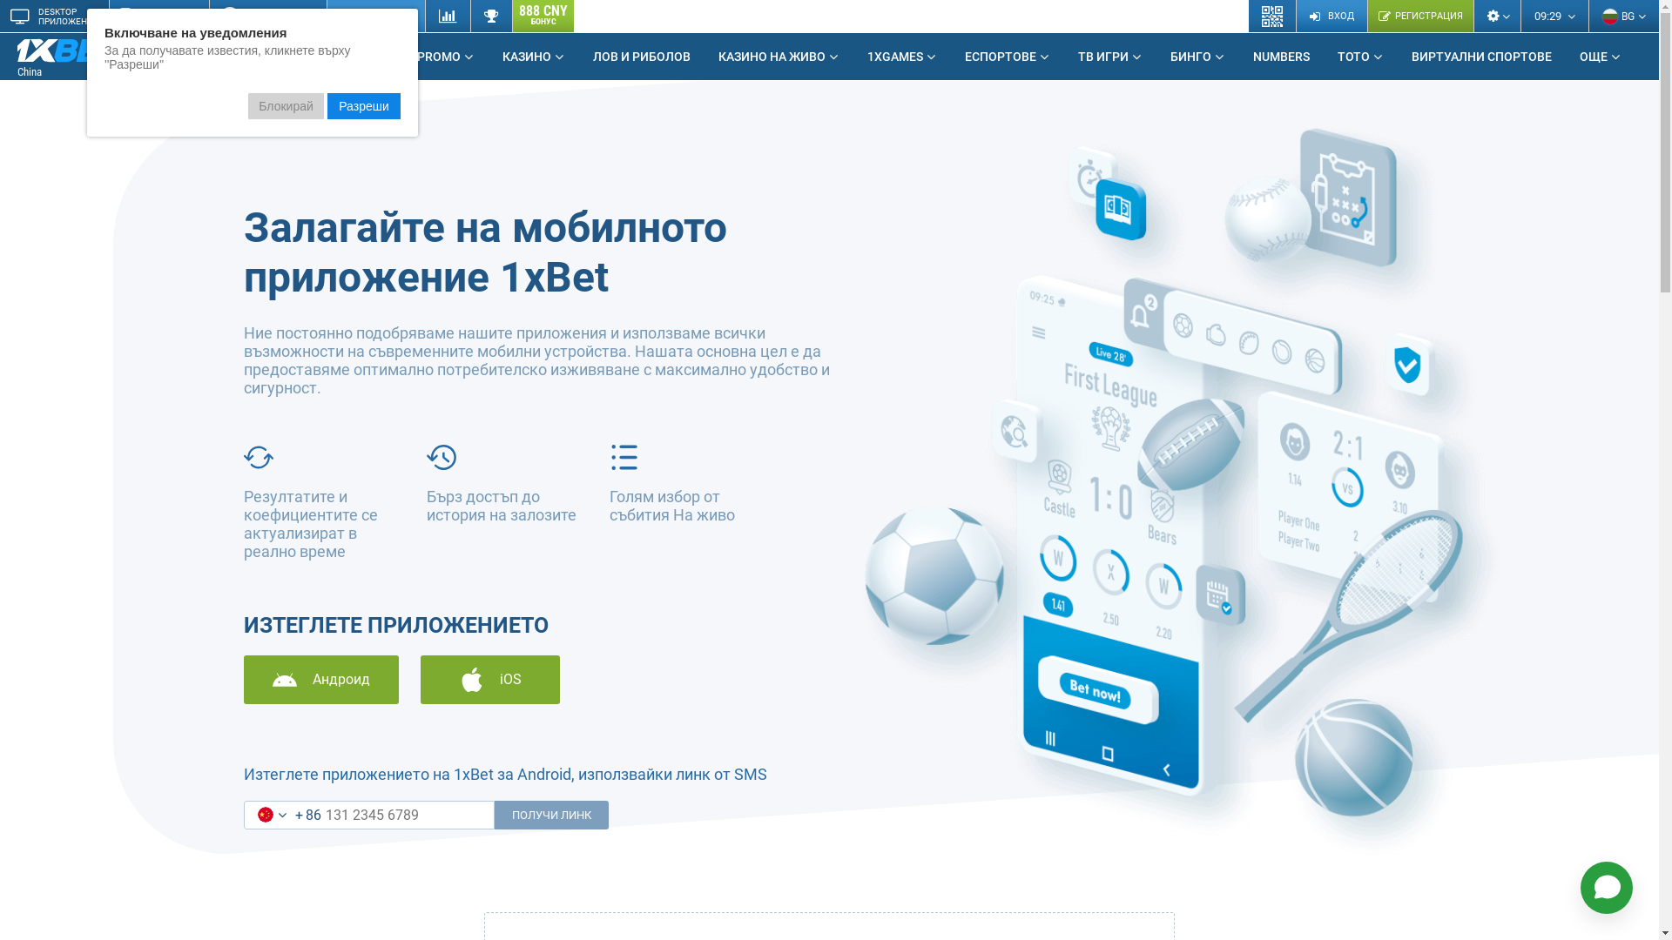 The image size is (1672, 940). Describe the element at coordinates (70, 49) in the screenshot. I see `'1xBet Betting Company'` at that location.